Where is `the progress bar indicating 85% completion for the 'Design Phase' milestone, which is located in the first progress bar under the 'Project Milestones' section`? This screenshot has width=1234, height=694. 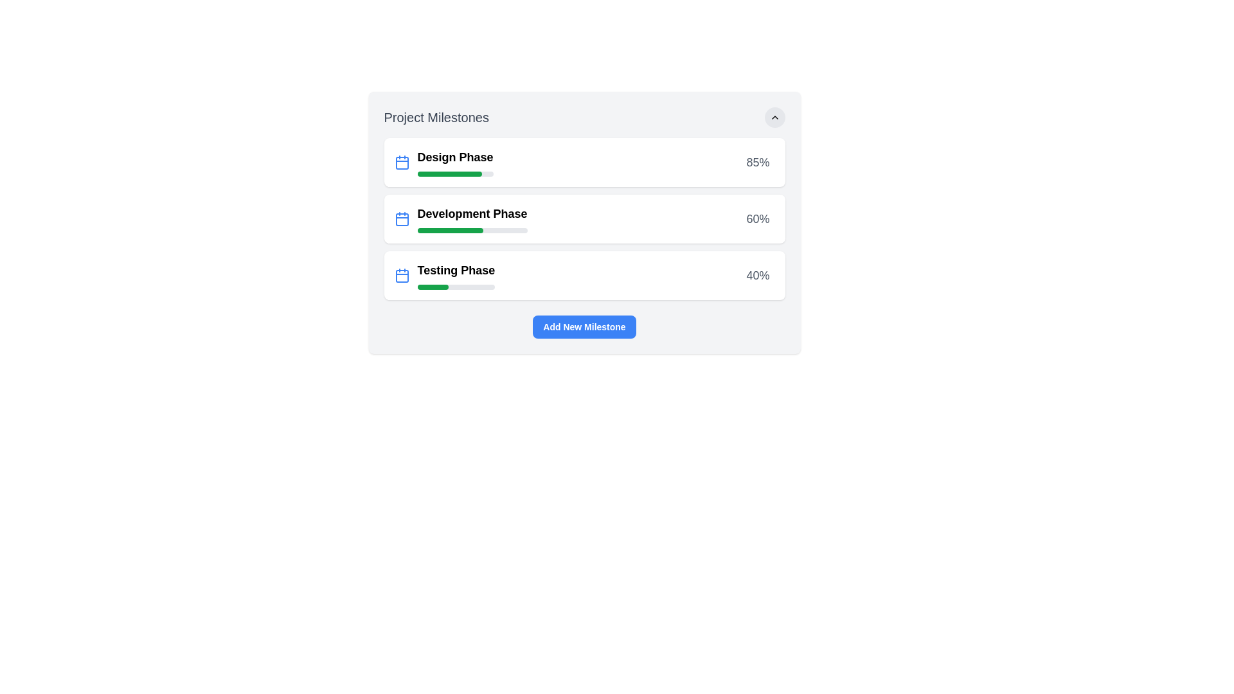
the progress bar indicating 85% completion for the 'Design Phase' milestone, which is located in the first progress bar under the 'Project Milestones' section is located at coordinates (449, 173).